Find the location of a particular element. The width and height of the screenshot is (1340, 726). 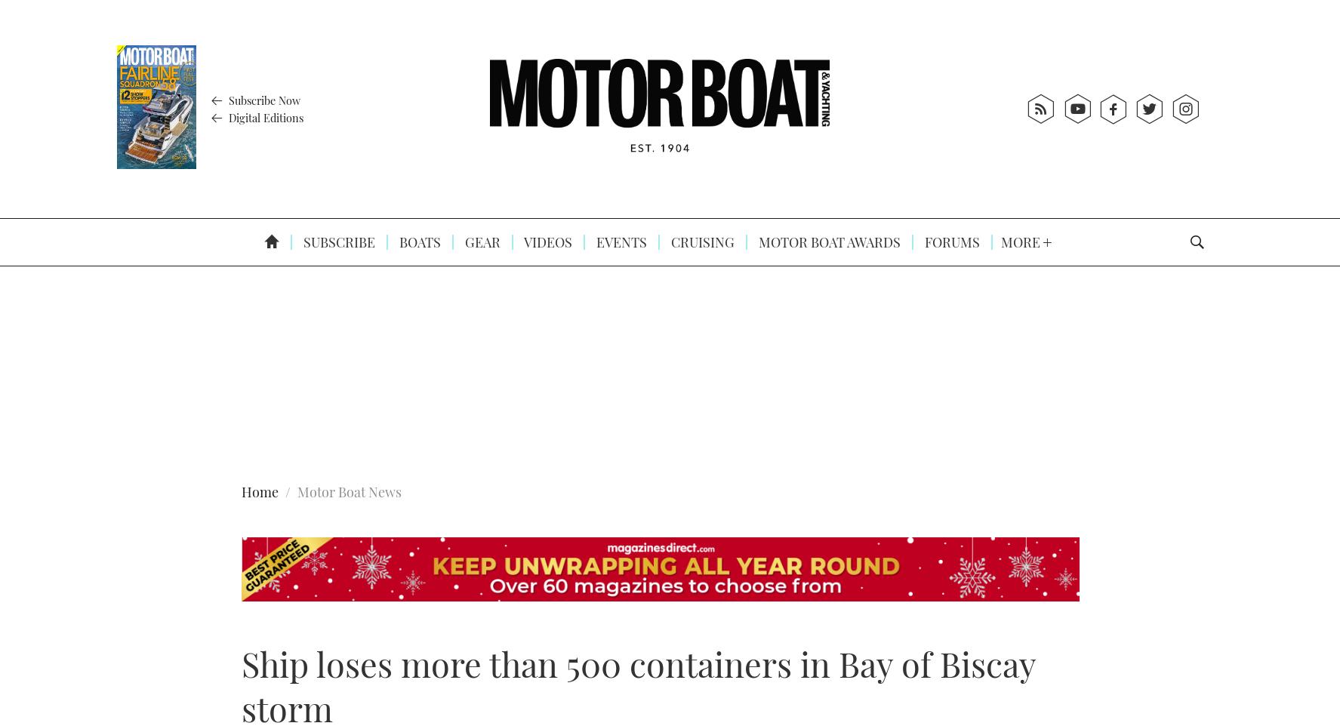

'Home' is located at coordinates (259, 492).